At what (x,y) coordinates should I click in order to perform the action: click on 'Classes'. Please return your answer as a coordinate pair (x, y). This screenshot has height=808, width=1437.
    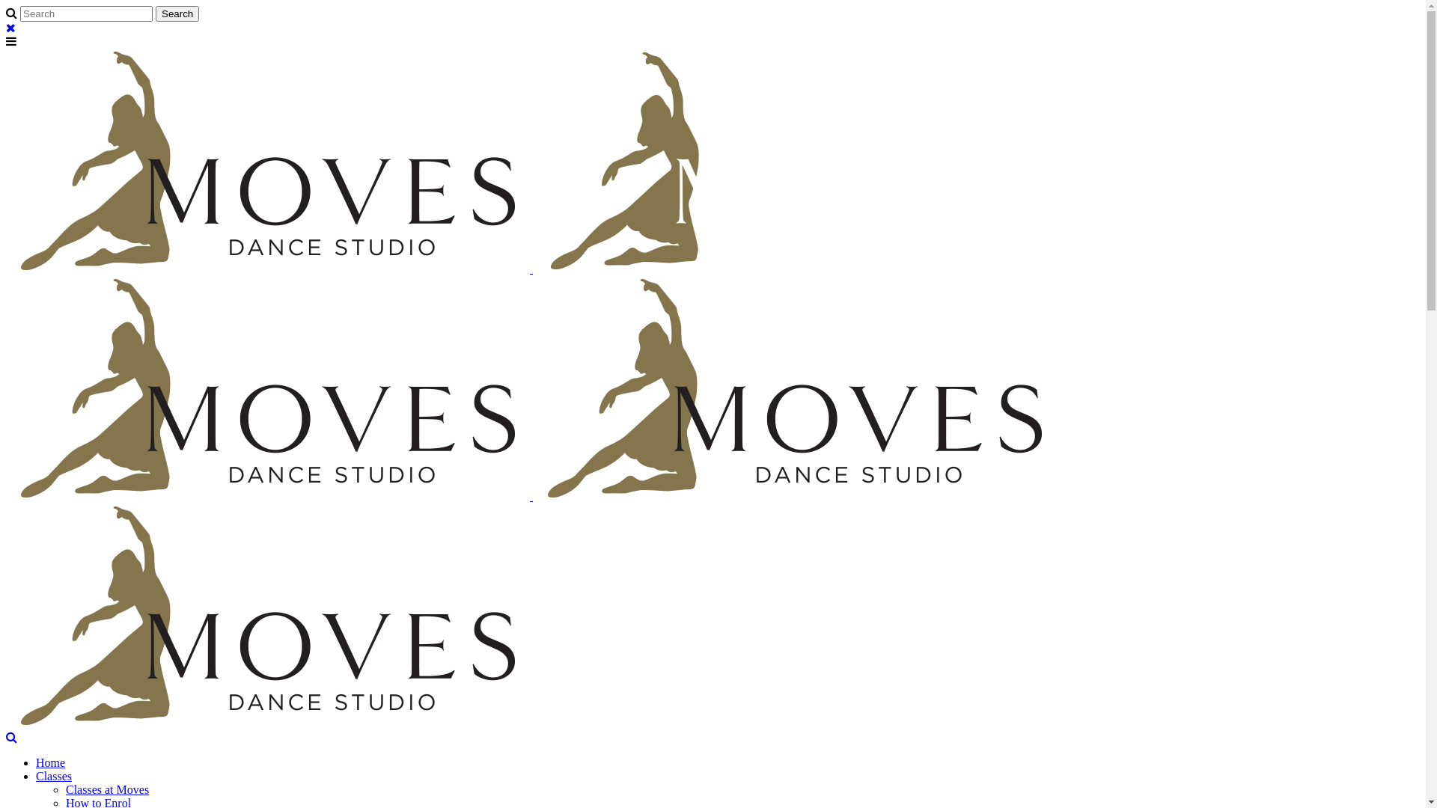
    Looking at the image, I should click on (54, 775).